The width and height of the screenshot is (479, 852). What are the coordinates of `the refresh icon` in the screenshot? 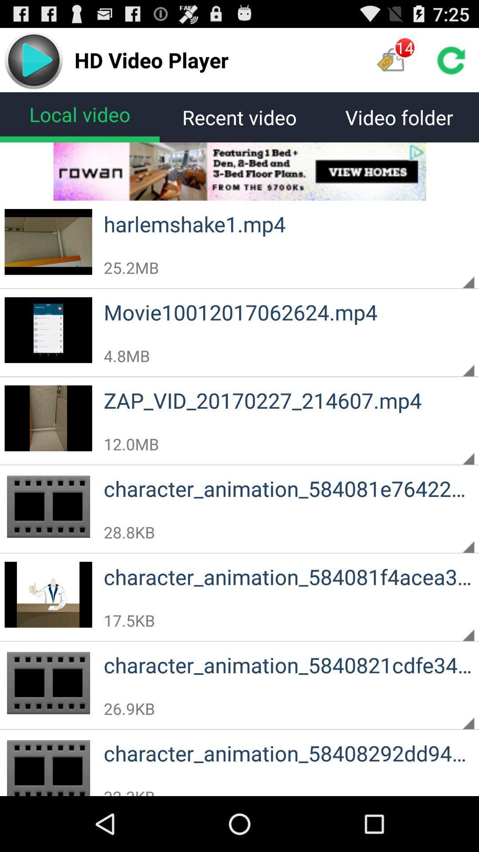 It's located at (450, 63).